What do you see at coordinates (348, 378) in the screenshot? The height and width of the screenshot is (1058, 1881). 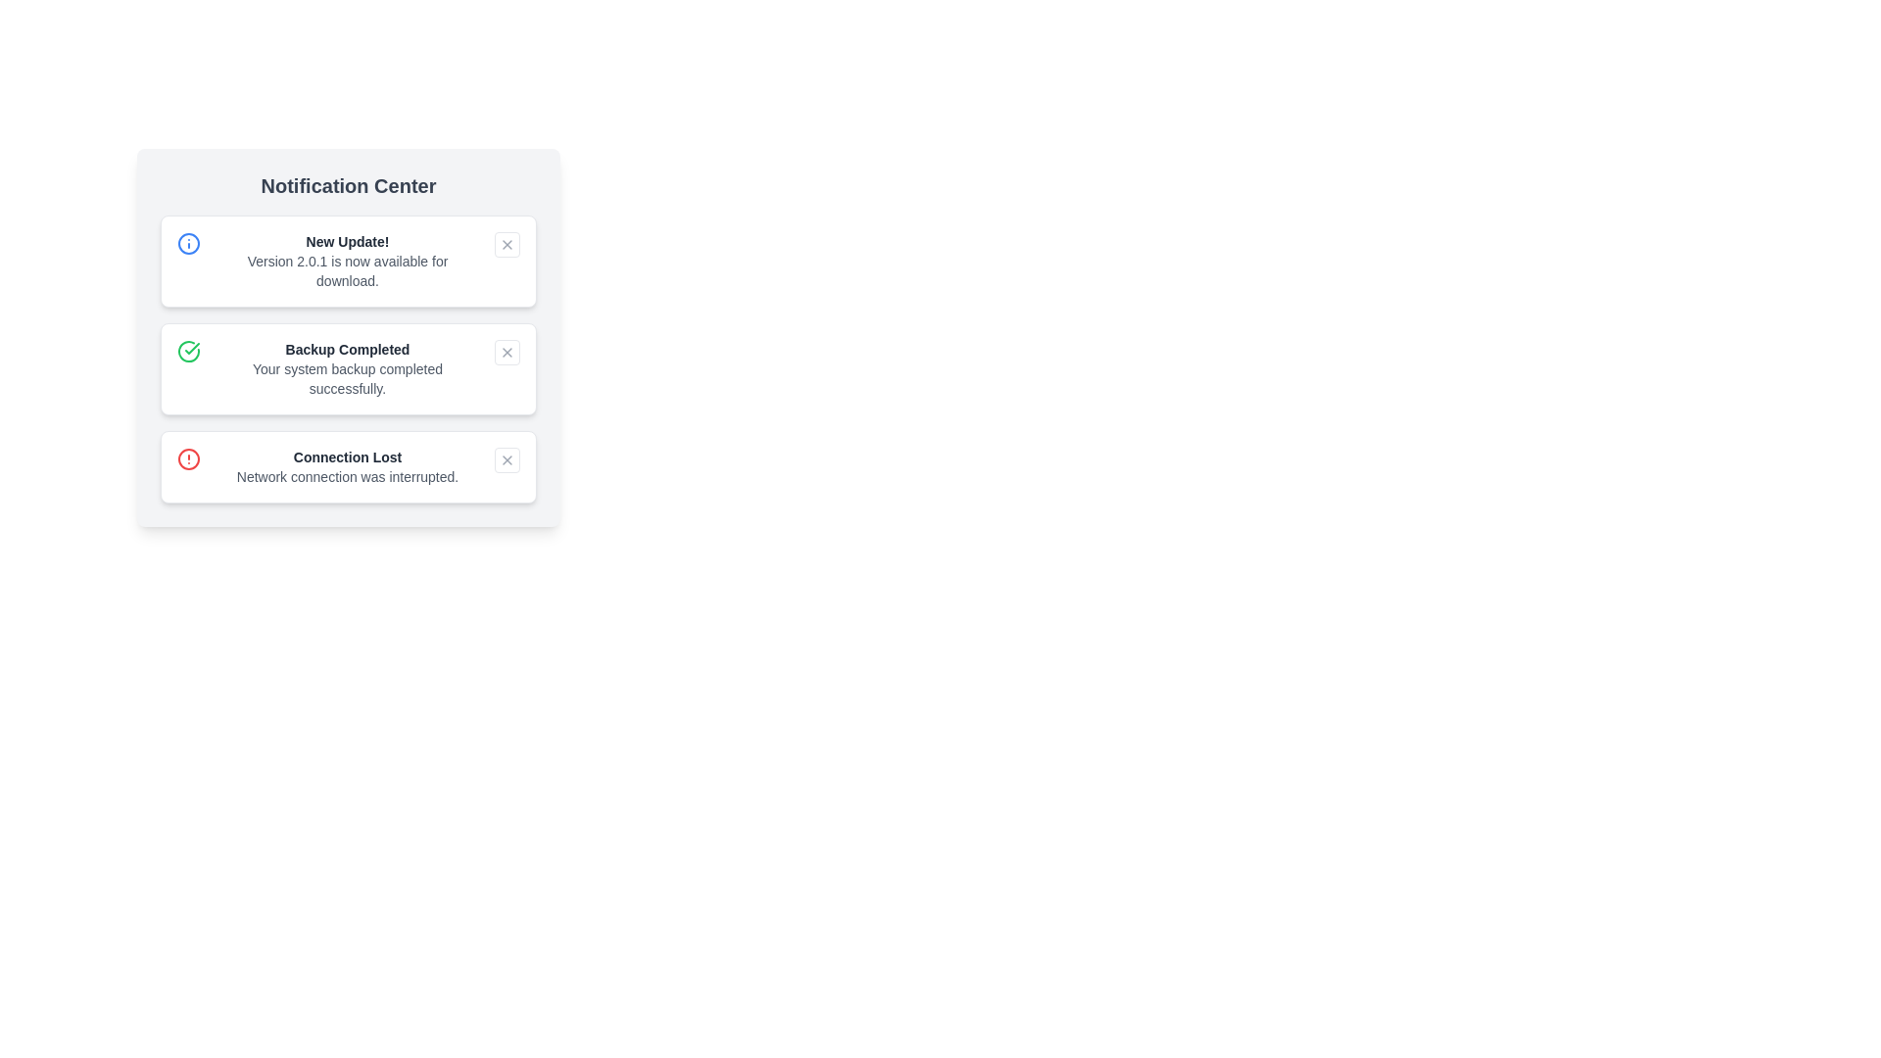 I see `the confirmation message text label indicating successful completion of a system backup, located in the lower portion of the notification card under 'Backup Completed.'` at bounding box center [348, 378].